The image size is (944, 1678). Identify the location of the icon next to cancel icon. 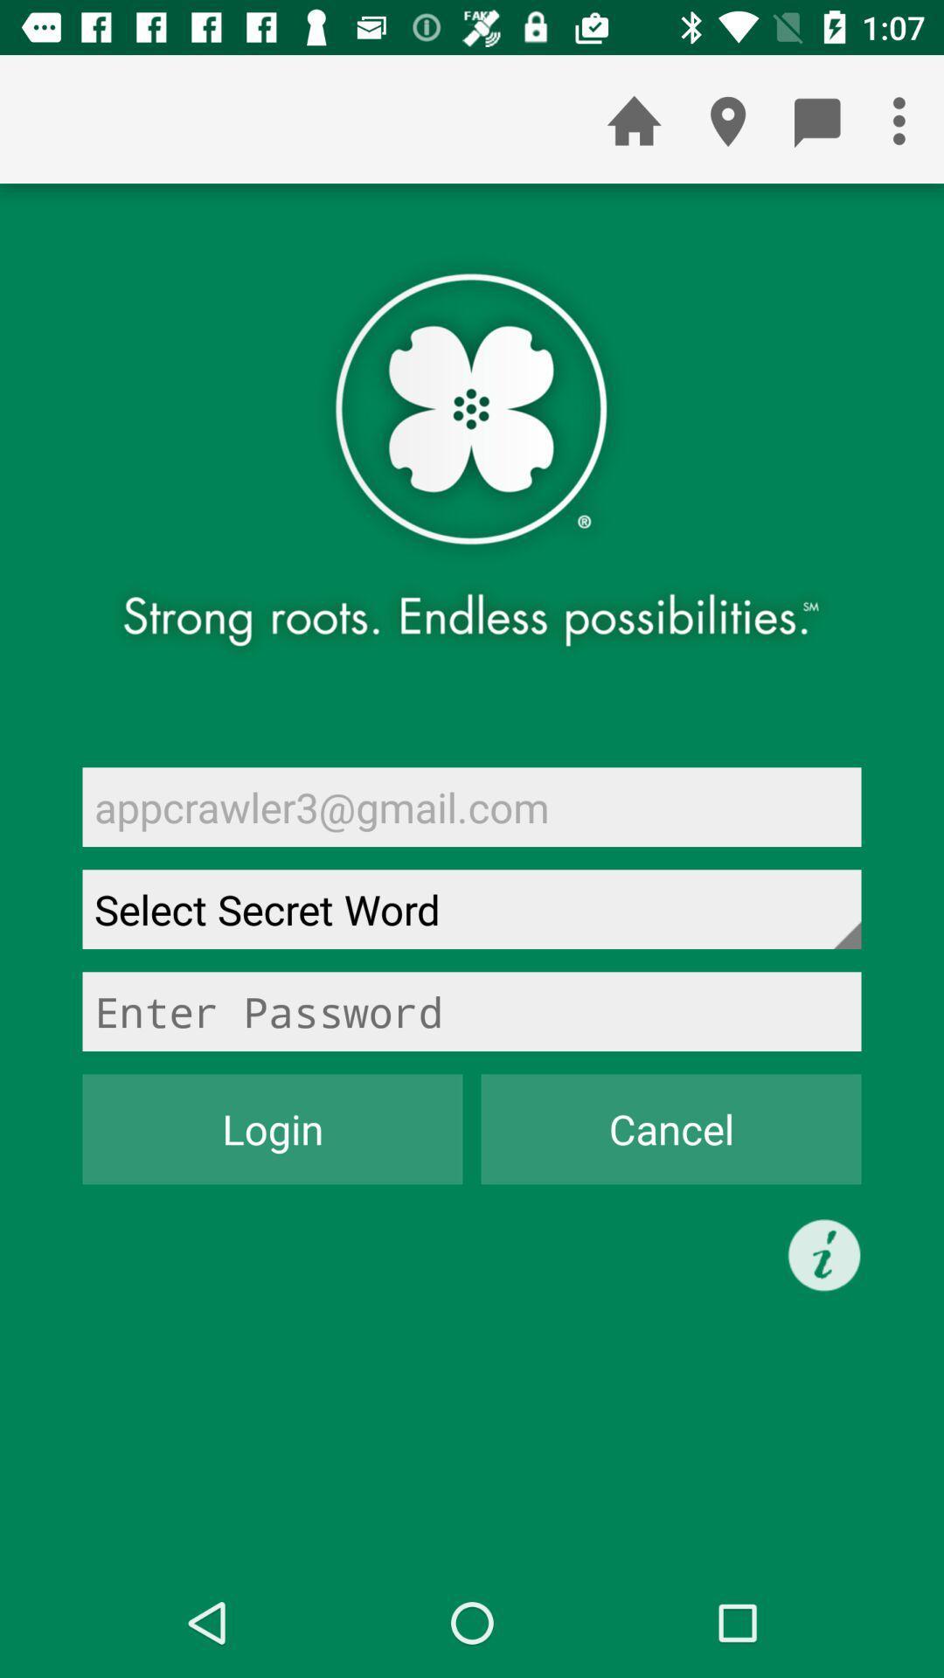
(273, 1129).